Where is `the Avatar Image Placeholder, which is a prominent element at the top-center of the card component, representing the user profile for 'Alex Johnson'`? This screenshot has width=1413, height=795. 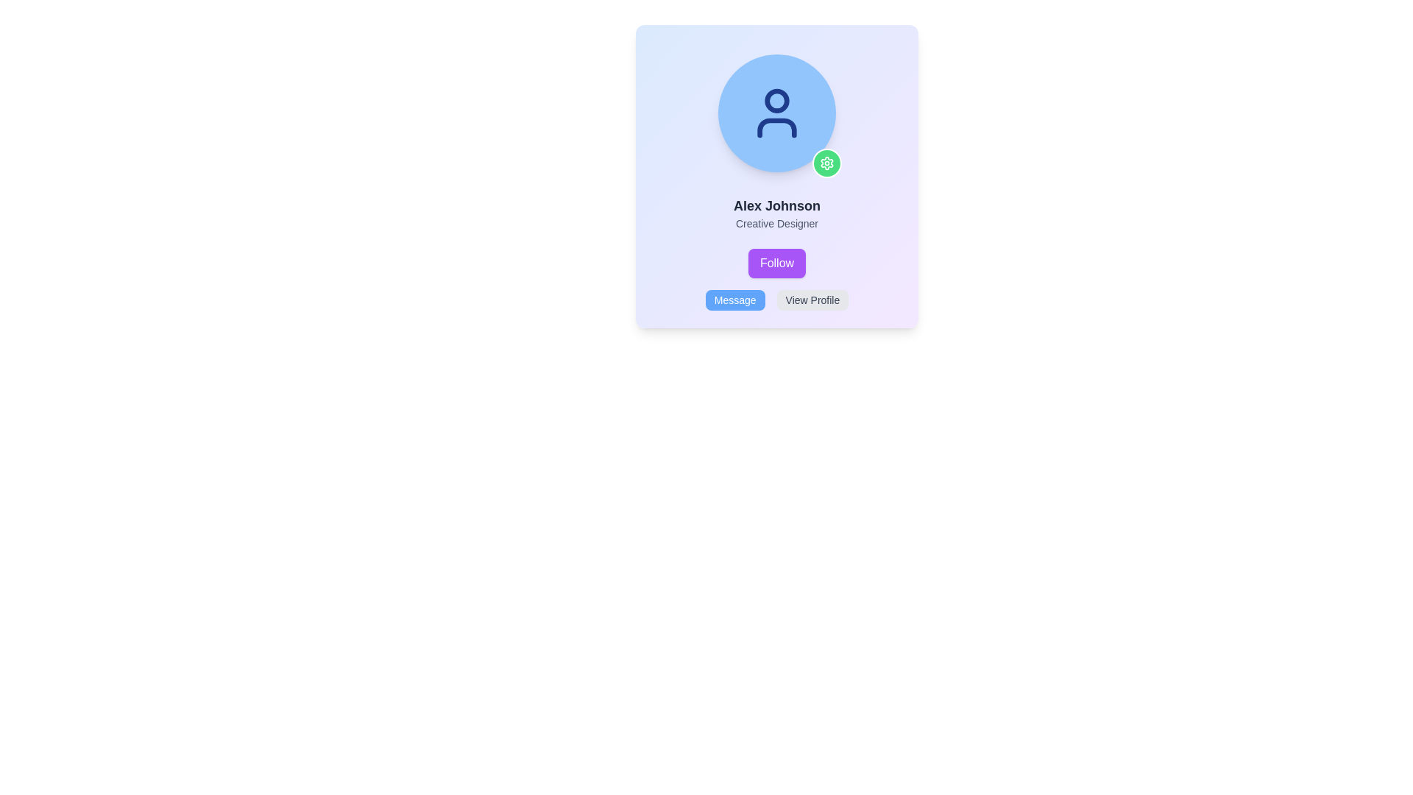 the Avatar Image Placeholder, which is a prominent element at the top-center of the card component, representing the user profile for 'Alex Johnson' is located at coordinates (776, 113).